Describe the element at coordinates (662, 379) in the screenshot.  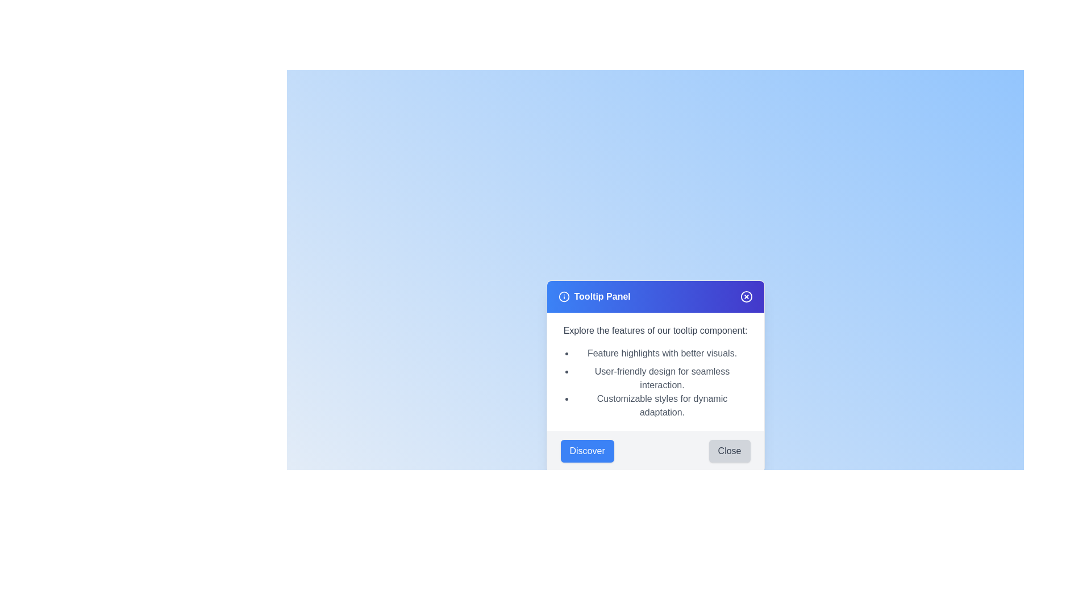
I see `the text element that reads 'User-friendly design for seamless interaction.' which is the second item in a bullet-point list within a tooltip component` at that location.